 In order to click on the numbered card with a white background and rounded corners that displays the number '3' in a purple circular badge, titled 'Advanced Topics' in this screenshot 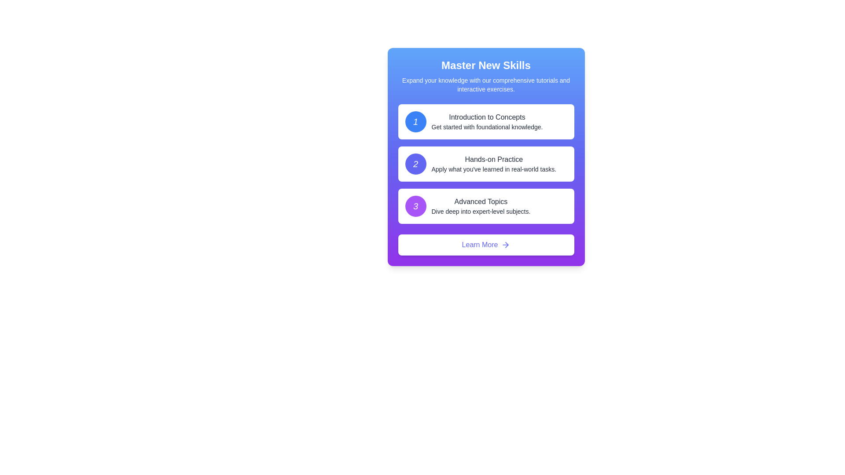, I will do `click(485, 206)`.